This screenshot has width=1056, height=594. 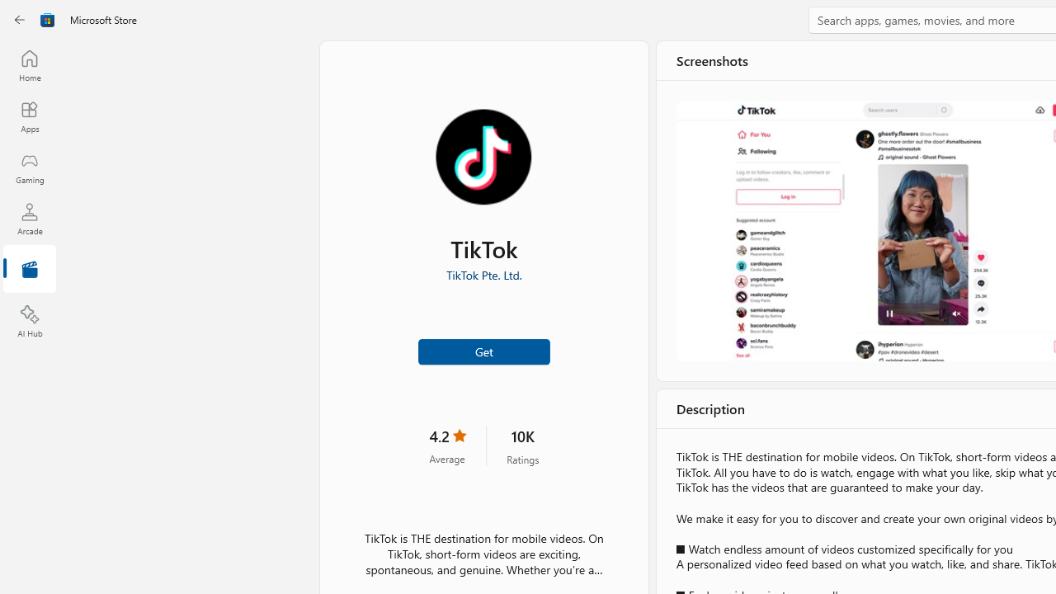 I want to click on 'AI Hub', so click(x=29, y=322).